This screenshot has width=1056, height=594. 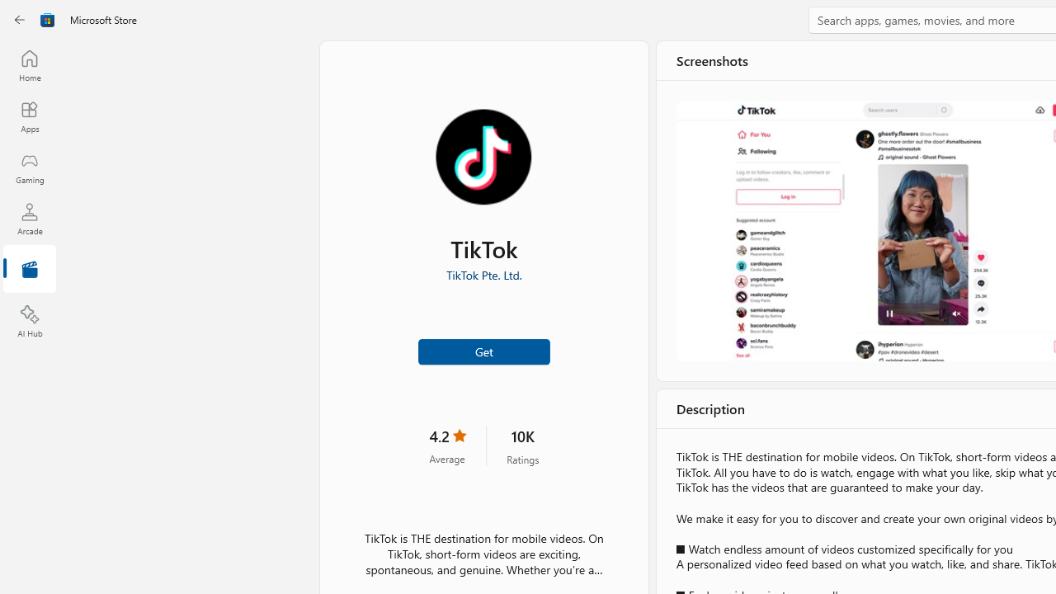 I want to click on 'AI Hub', so click(x=29, y=322).